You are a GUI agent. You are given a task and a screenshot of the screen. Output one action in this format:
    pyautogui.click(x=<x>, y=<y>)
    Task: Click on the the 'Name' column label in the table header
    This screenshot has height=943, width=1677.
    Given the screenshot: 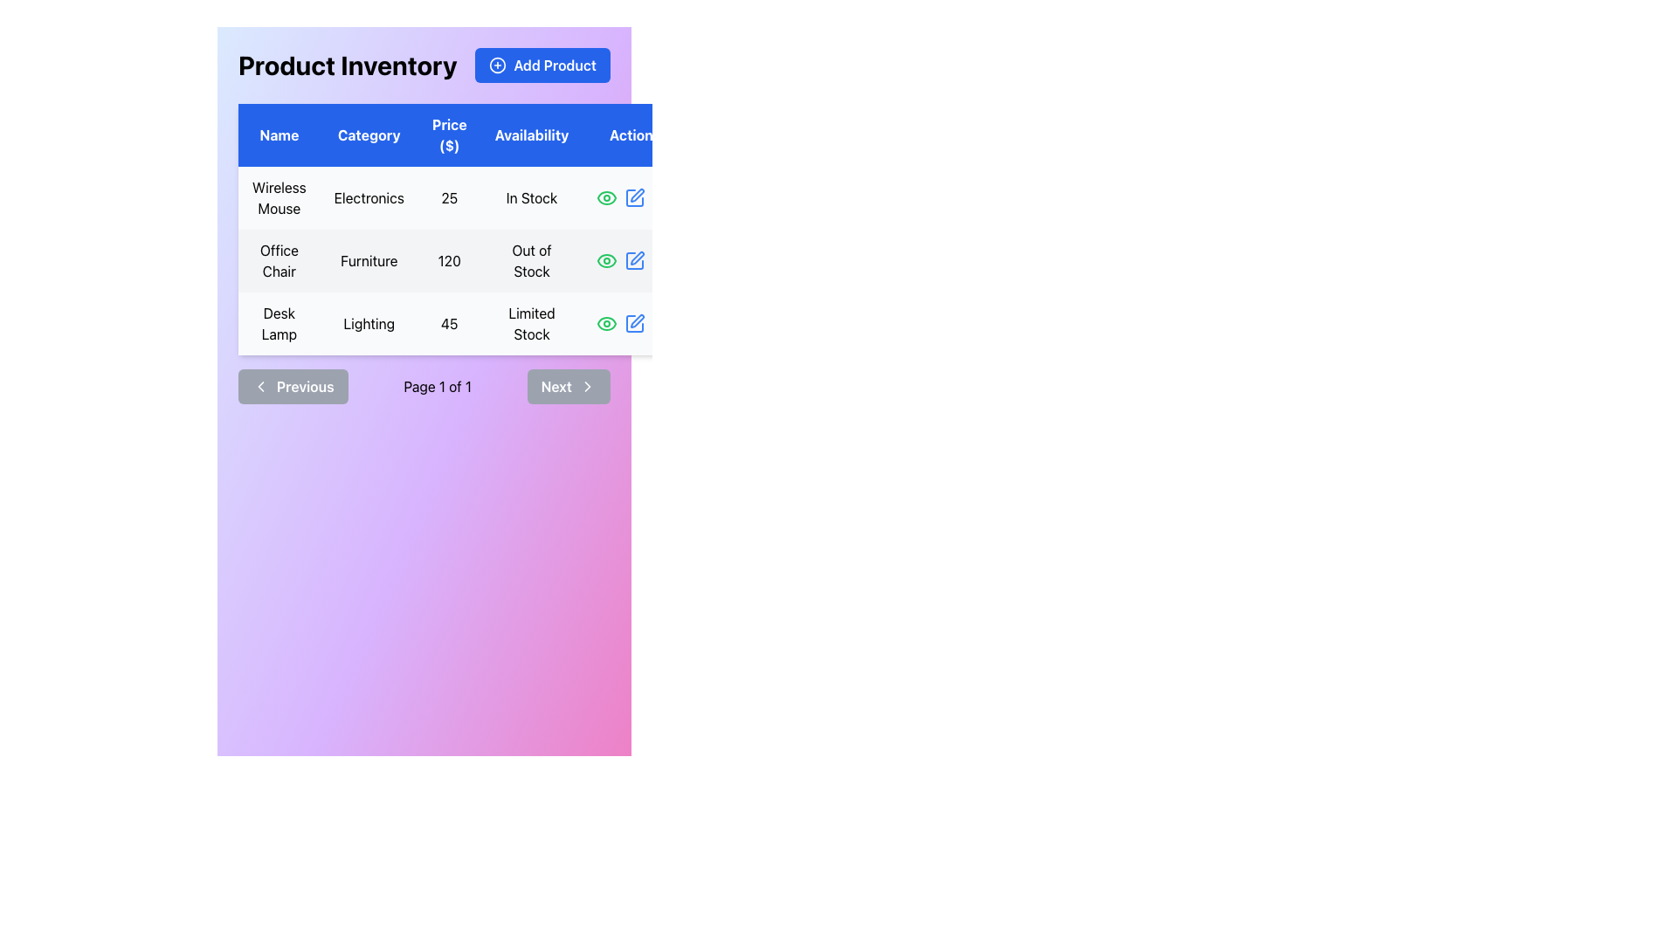 What is the action you would take?
    pyautogui.click(x=278, y=134)
    